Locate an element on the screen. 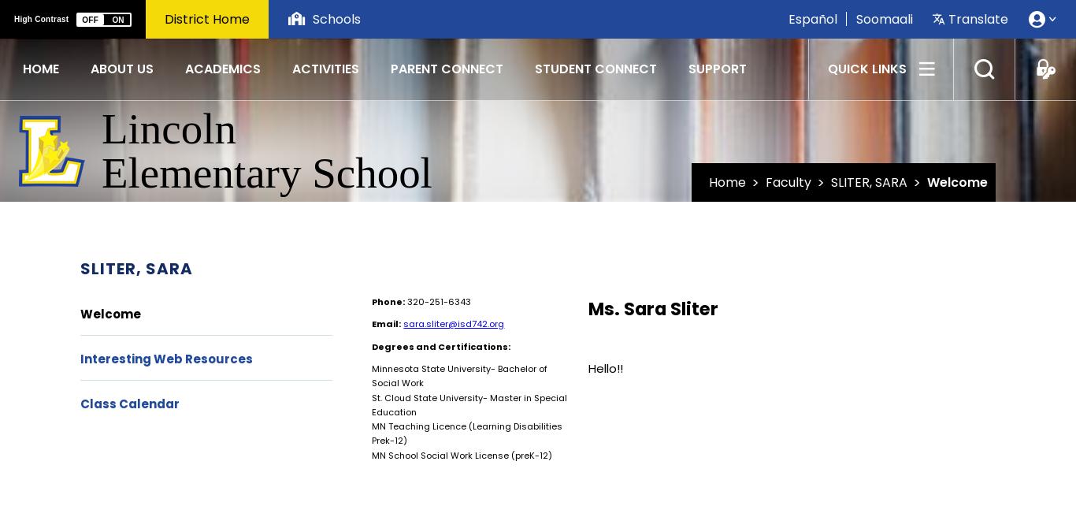 Image resolution: width=1076 pixels, height=532 pixels. 'Elementary School' is located at coordinates (266, 172).